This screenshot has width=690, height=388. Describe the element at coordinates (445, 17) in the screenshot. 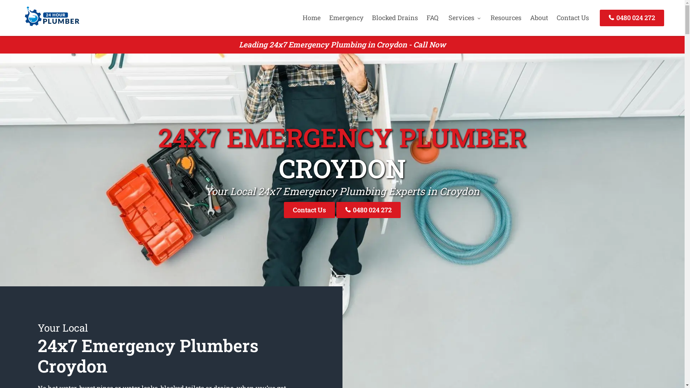

I see `'Services'` at that location.